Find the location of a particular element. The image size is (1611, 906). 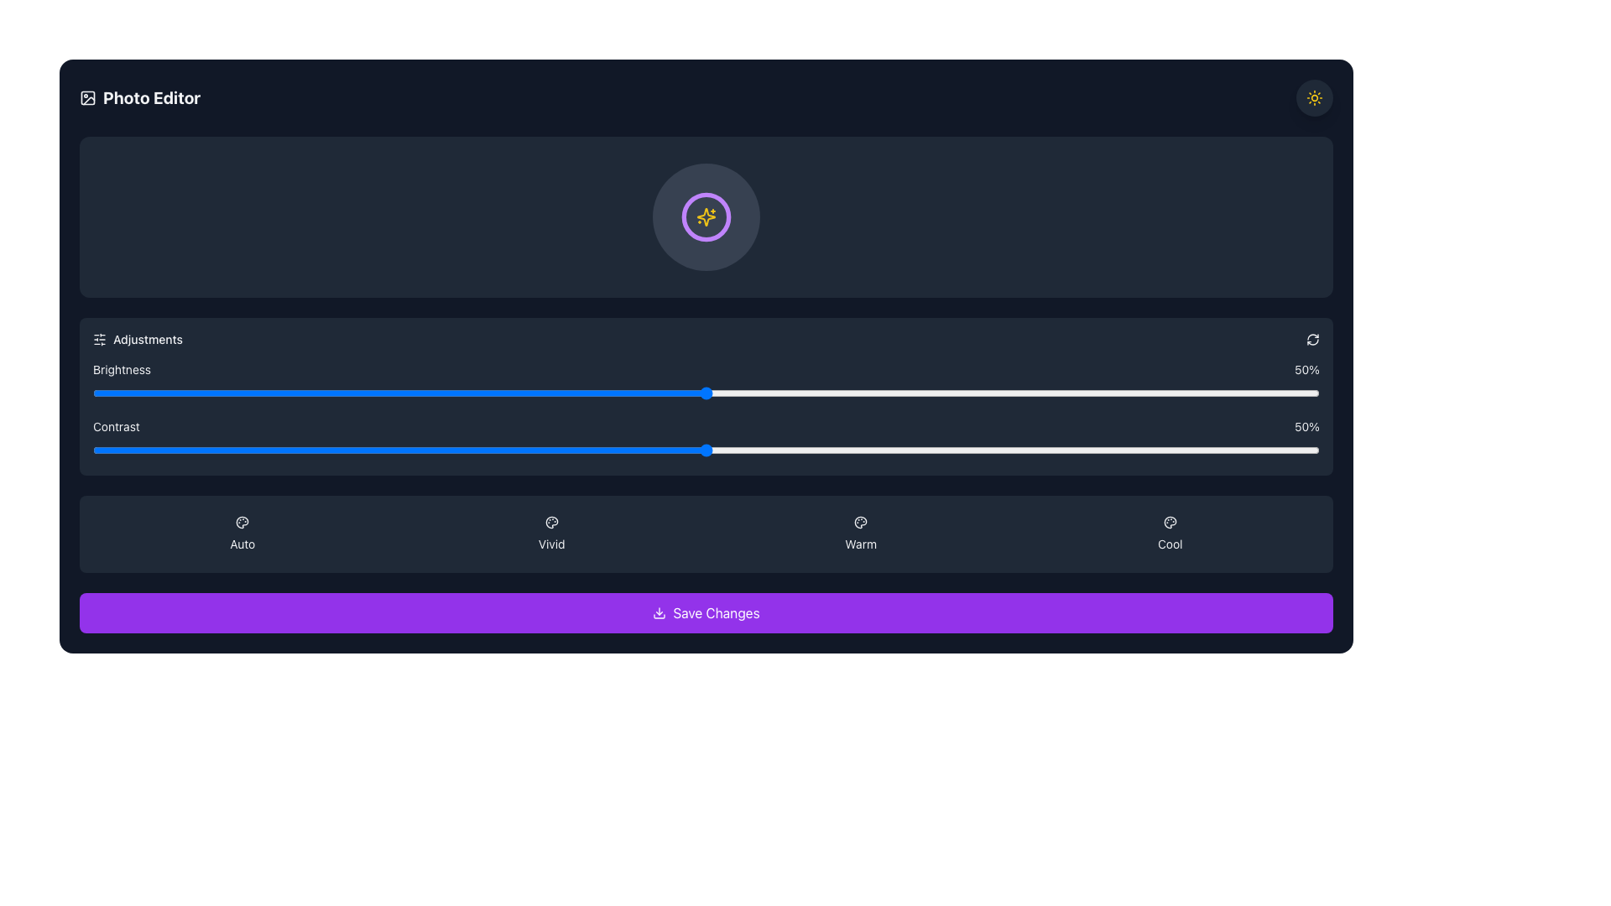

the value of the slider is located at coordinates (1135, 449).